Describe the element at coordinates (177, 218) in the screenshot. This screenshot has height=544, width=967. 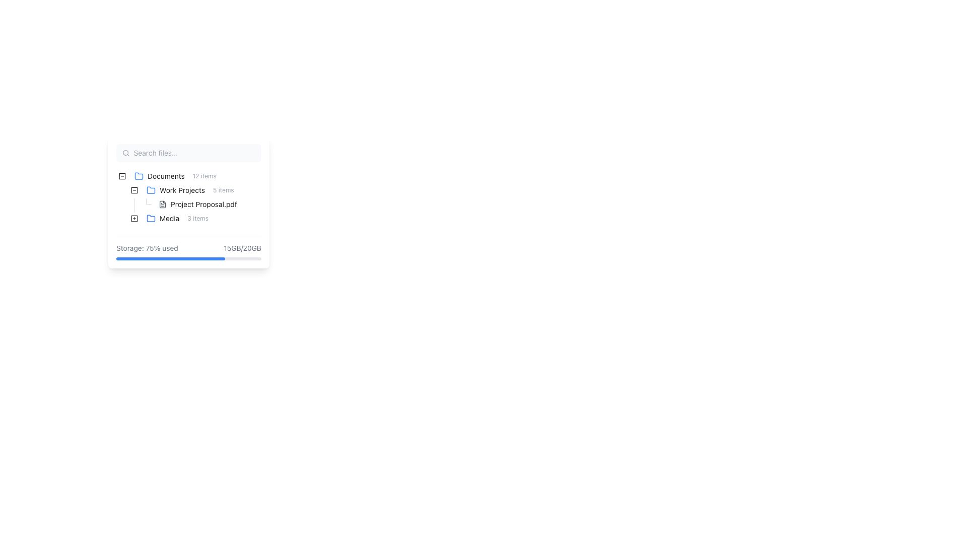
I see `the 'Media' folder label, which displays '3 items' and has a blue folder icon` at that location.